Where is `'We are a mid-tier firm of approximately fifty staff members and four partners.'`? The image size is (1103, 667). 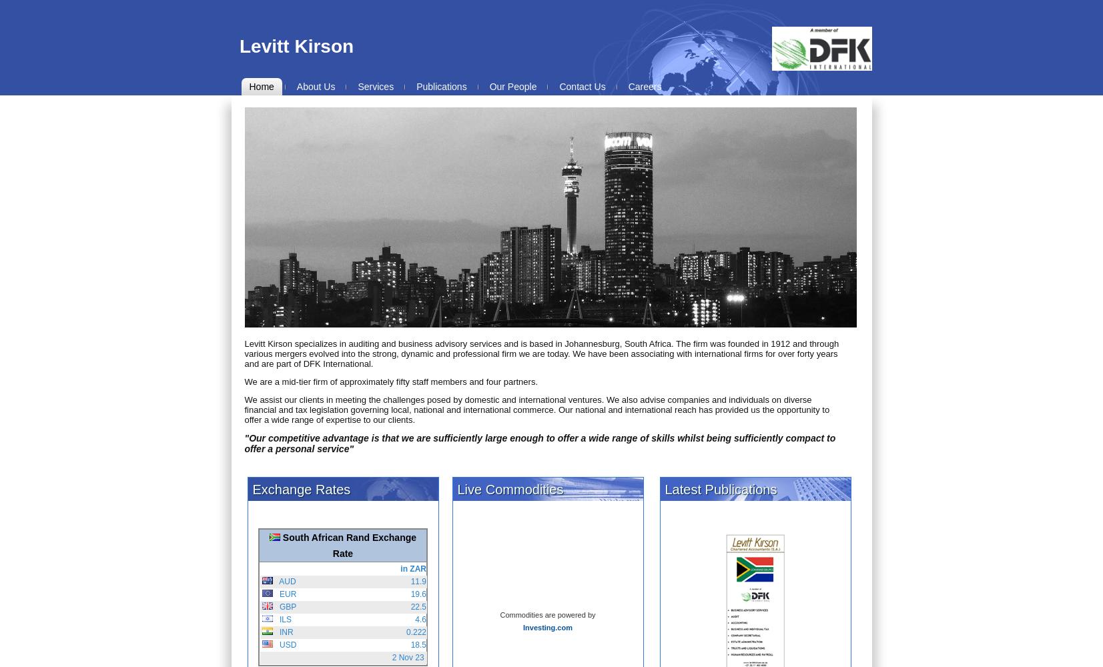 'We are a mid-tier firm of approximately fifty staff members and four partners.' is located at coordinates (243, 381).